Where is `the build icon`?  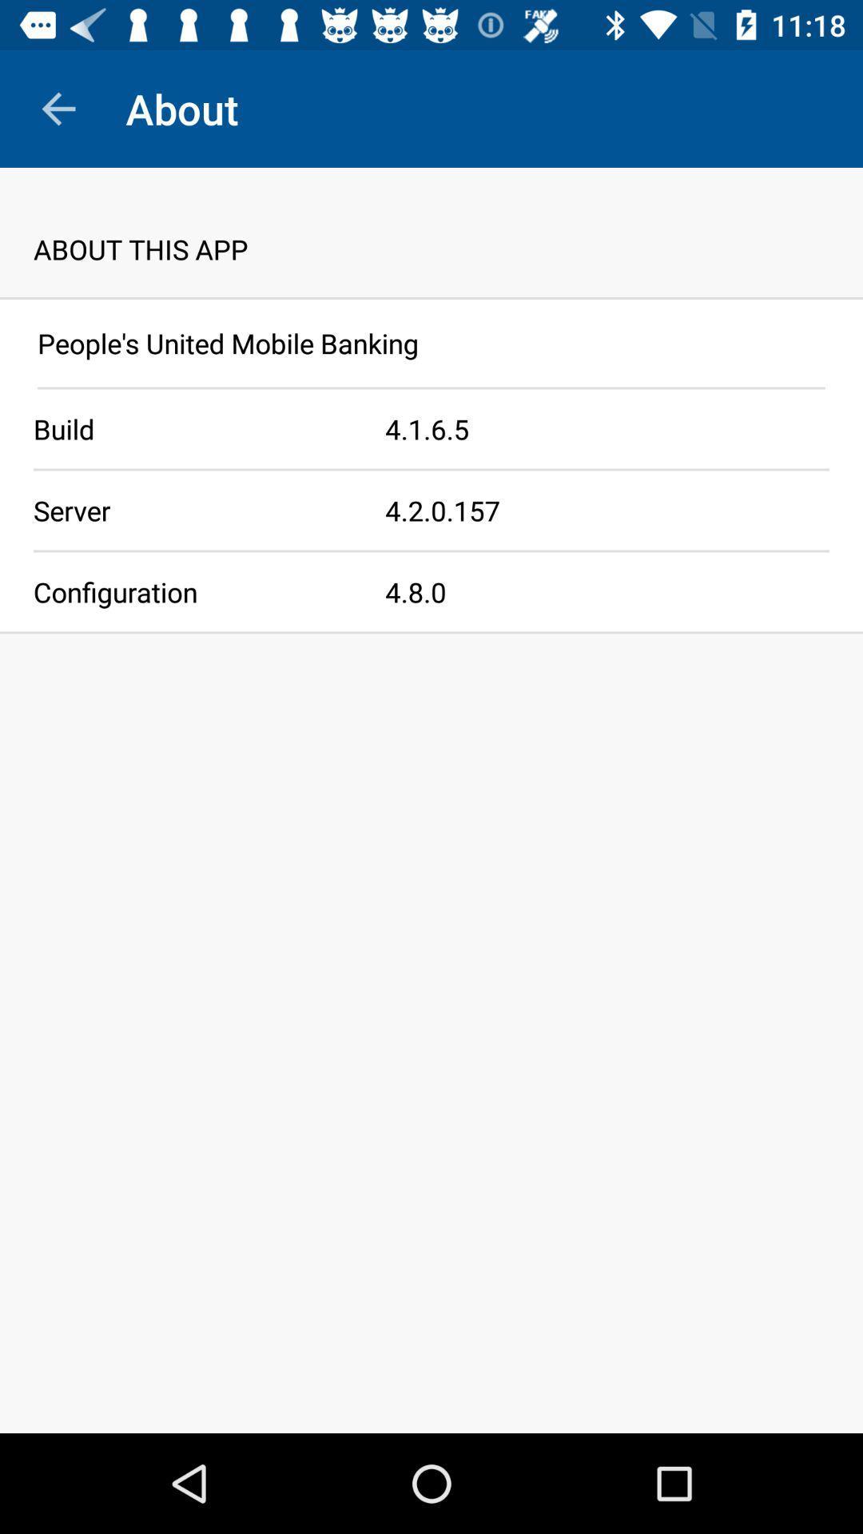 the build icon is located at coordinates (192, 429).